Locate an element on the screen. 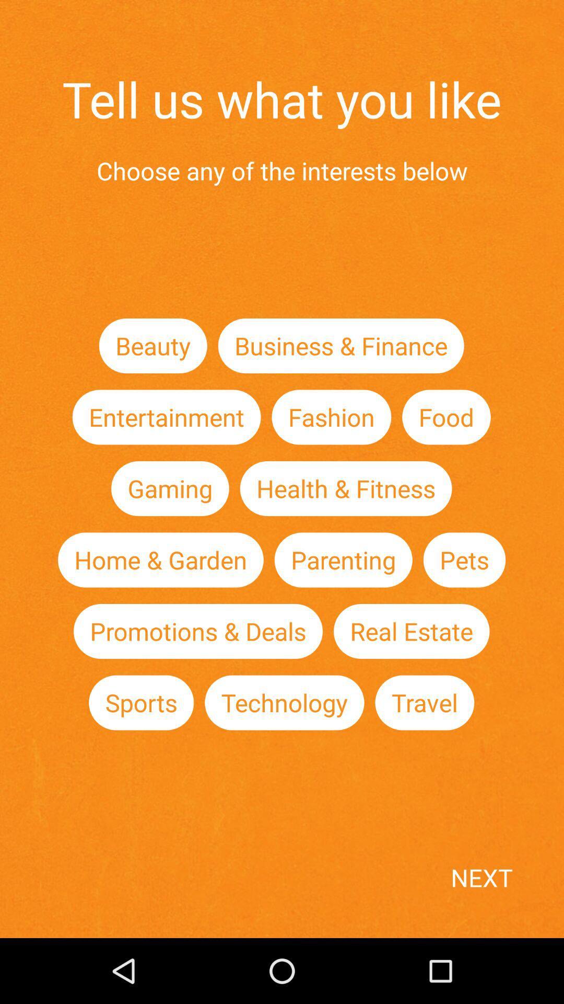 The height and width of the screenshot is (1004, 564). the icon next to fashion icon is located at coordinates (166, 416).